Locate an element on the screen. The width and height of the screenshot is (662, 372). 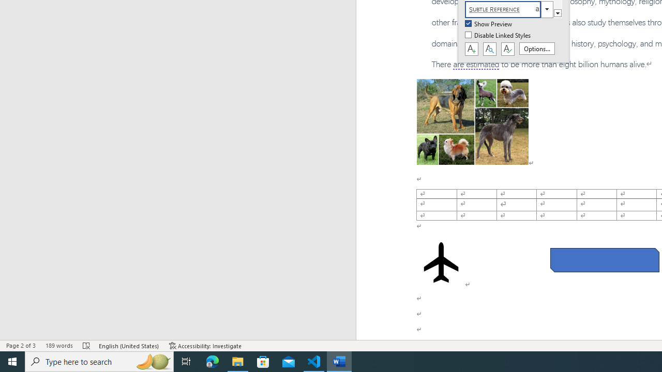
'Options...' is located at coordinates (537, 48).